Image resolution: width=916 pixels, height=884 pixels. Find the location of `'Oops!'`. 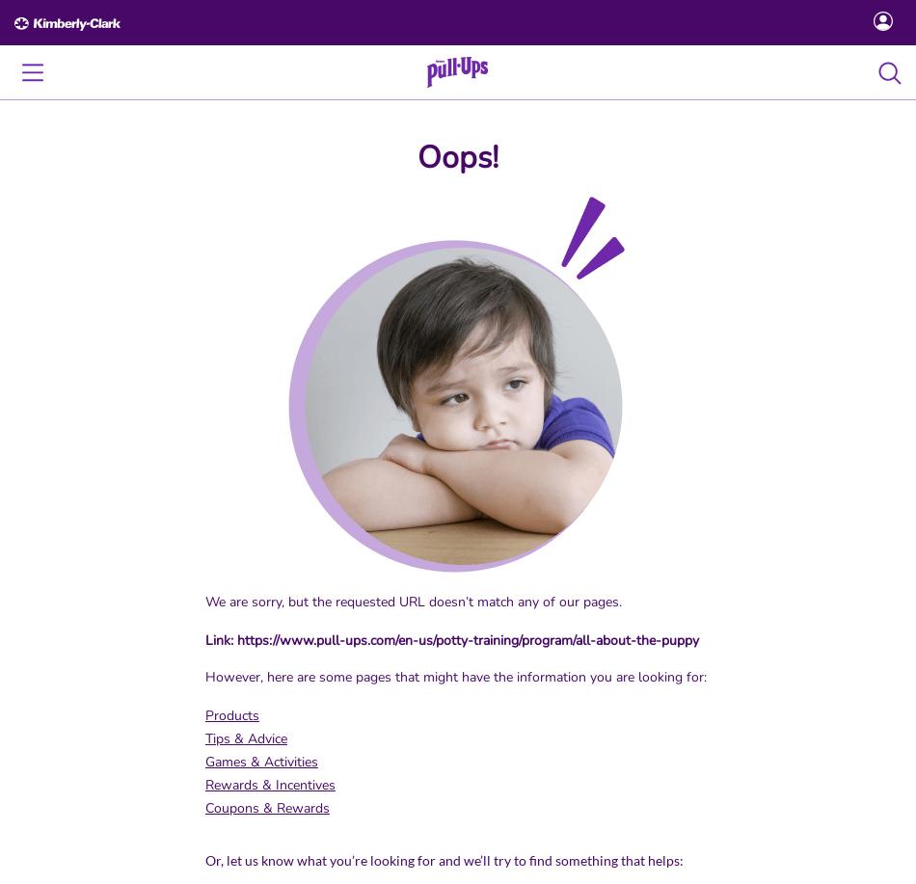

'Oops!' is located at coordinates (458, 157).